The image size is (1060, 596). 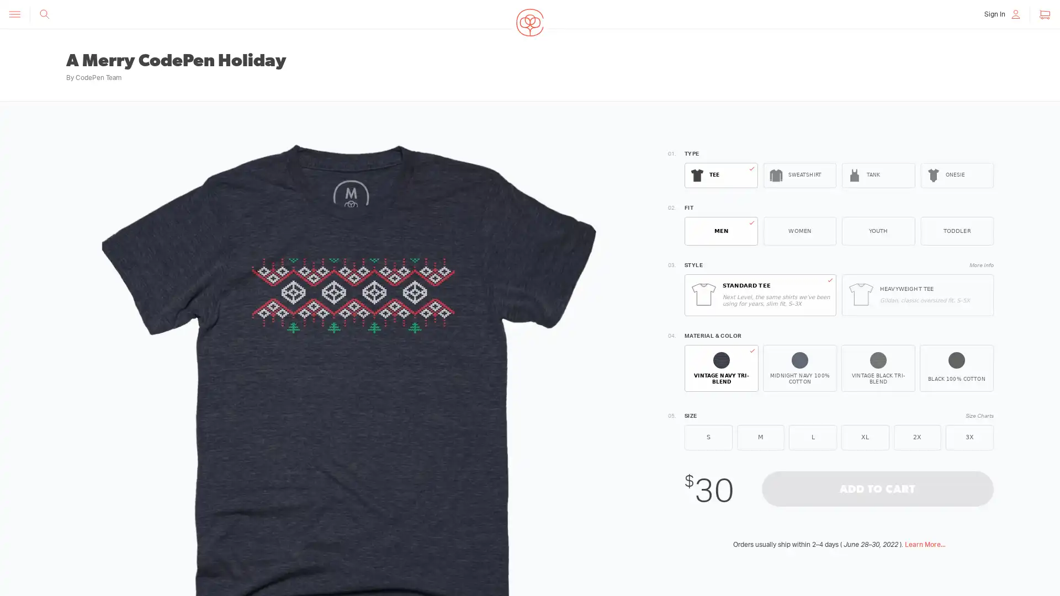 What do you see at coordinates (918, 295) in the screenshot?
I see `HEAVYWEIGHT TEE Gildan, classic oversized fit, S5X` at bounding box center [918, 295].